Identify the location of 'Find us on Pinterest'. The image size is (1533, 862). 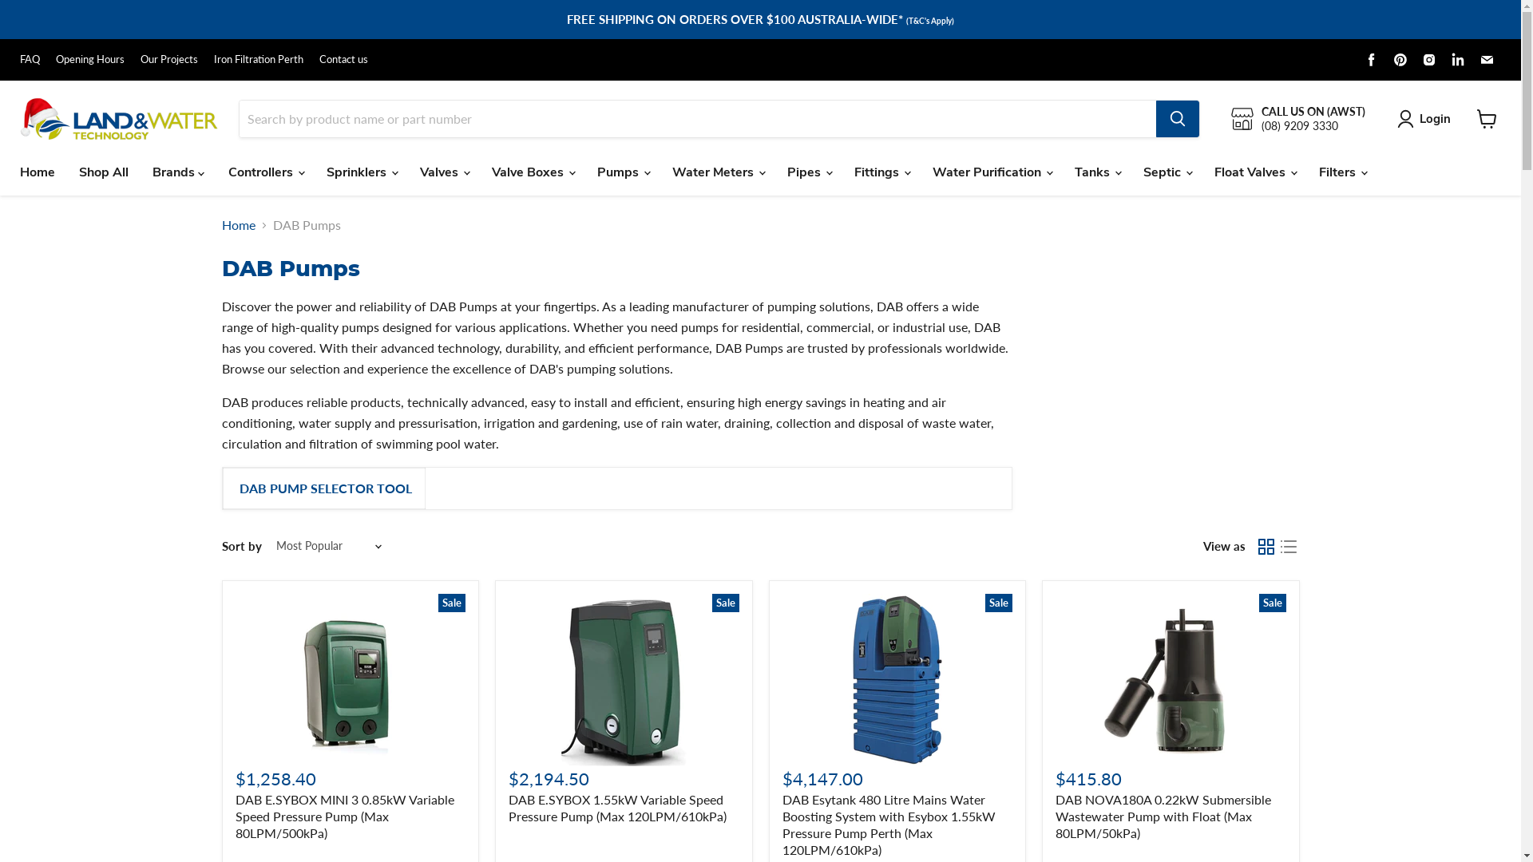
(1399, 57).